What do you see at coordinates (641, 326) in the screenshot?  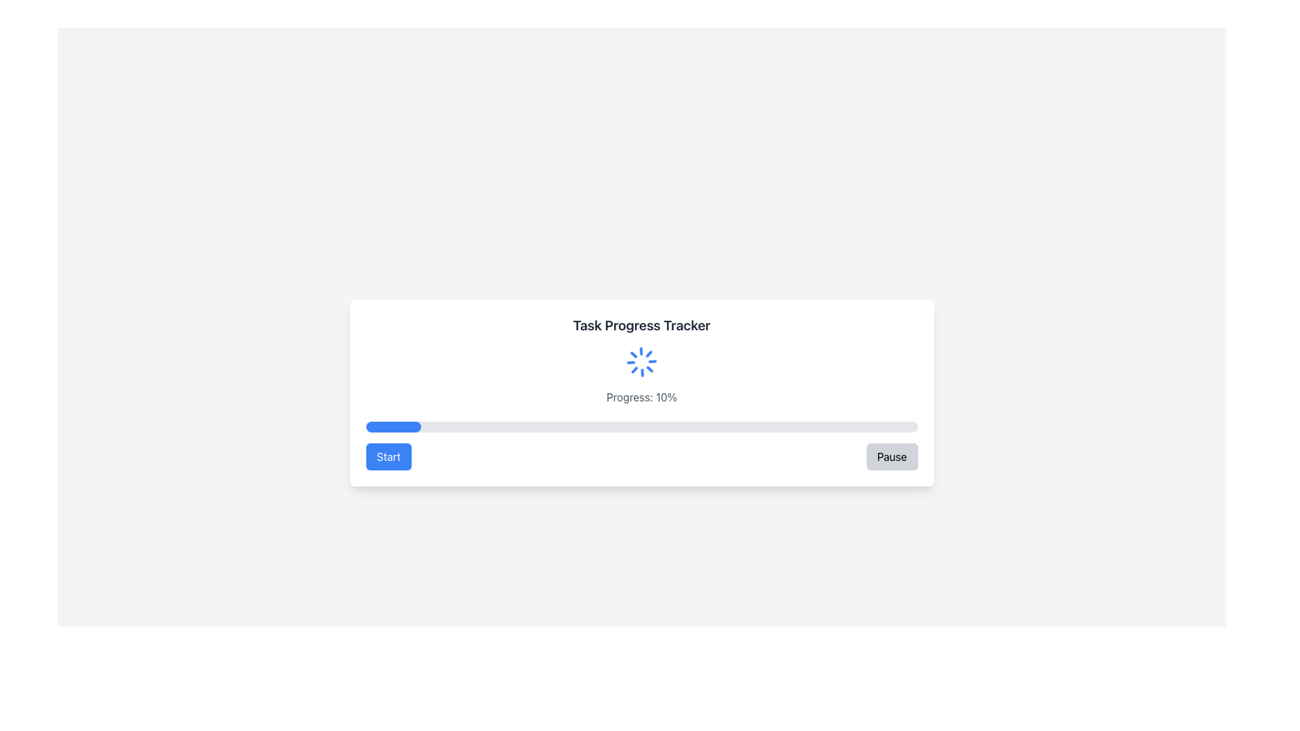 I see `the static text label titled 'Task Progress Tracker' which is displayed in bold, large dark gray font at the top of the rectangular card interface` at bounding box center [641, 326].